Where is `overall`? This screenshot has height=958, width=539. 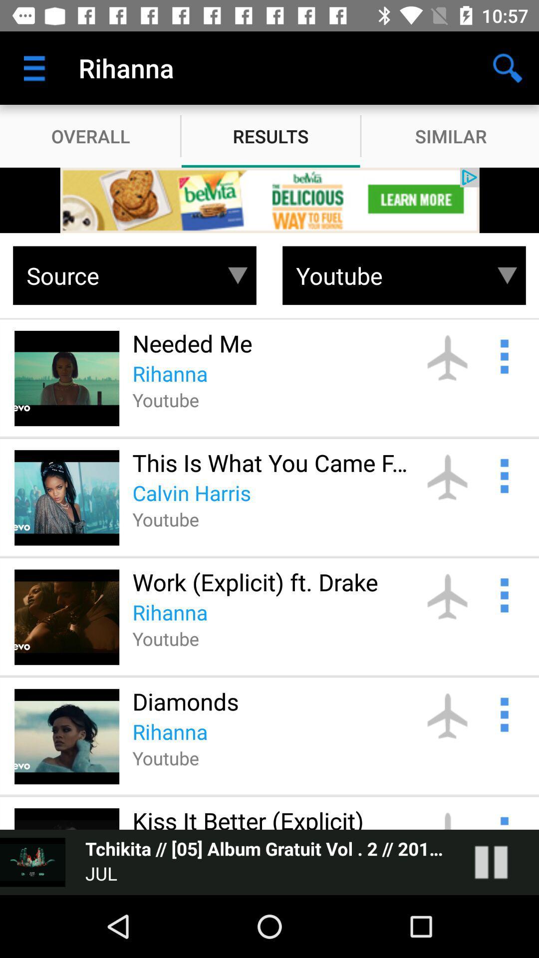
overall is located at coordinates (90, 136).